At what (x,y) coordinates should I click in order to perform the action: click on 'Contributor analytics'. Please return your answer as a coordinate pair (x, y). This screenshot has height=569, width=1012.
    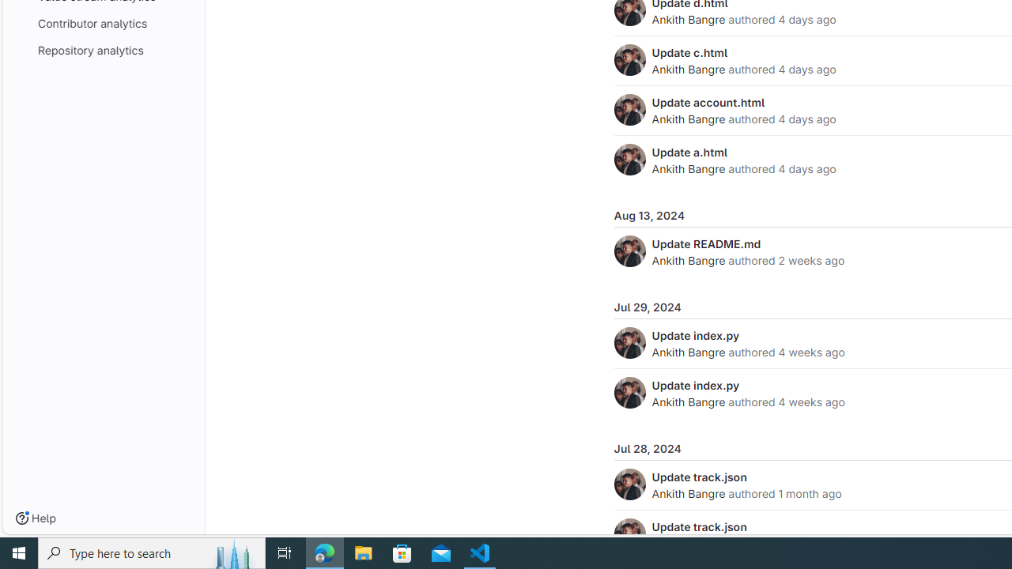
    Looking at the image, I should click on (103, 22).